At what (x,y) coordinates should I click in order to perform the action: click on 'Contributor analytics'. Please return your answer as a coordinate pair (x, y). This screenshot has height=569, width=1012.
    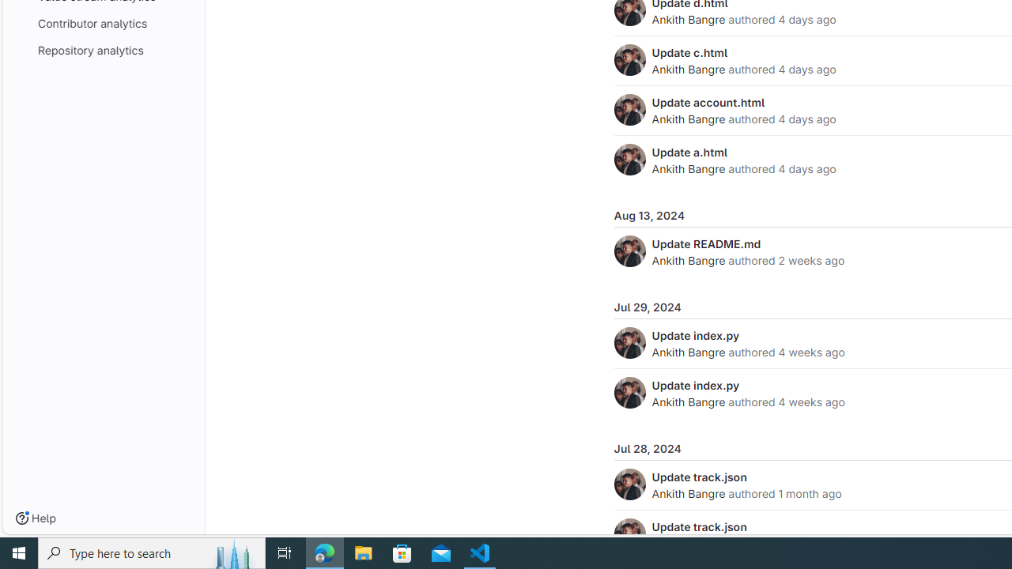
    Looking at the image, I should click on (103, 22).